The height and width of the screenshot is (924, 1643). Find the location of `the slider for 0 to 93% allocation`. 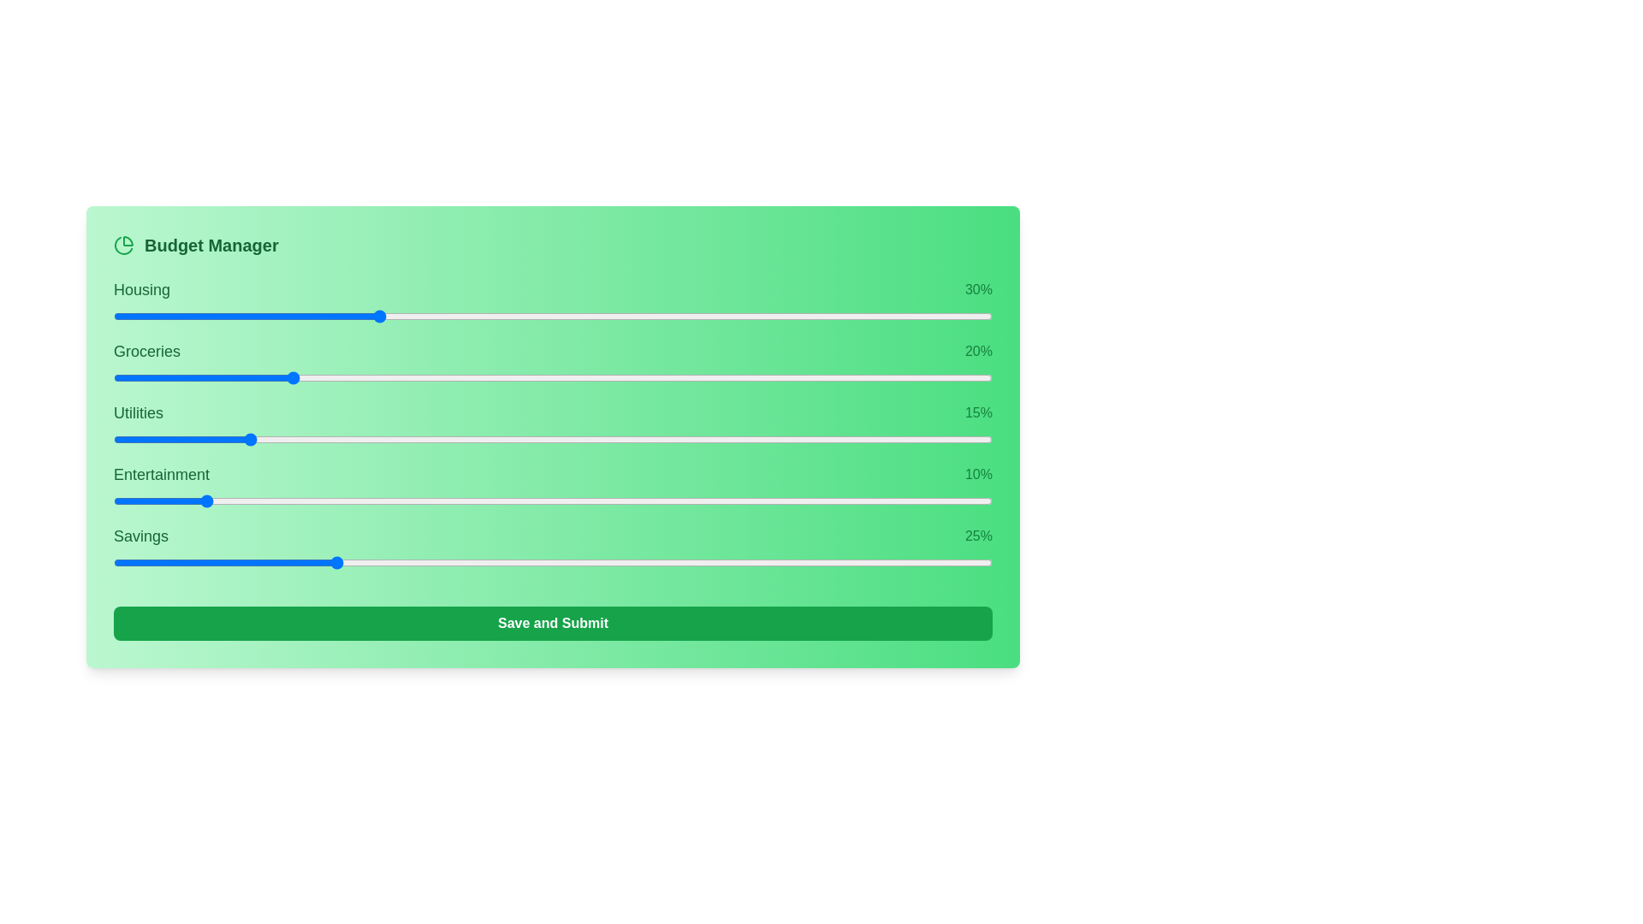

the slider for 0 to 93% allocation is located at coordinates (961, 317).